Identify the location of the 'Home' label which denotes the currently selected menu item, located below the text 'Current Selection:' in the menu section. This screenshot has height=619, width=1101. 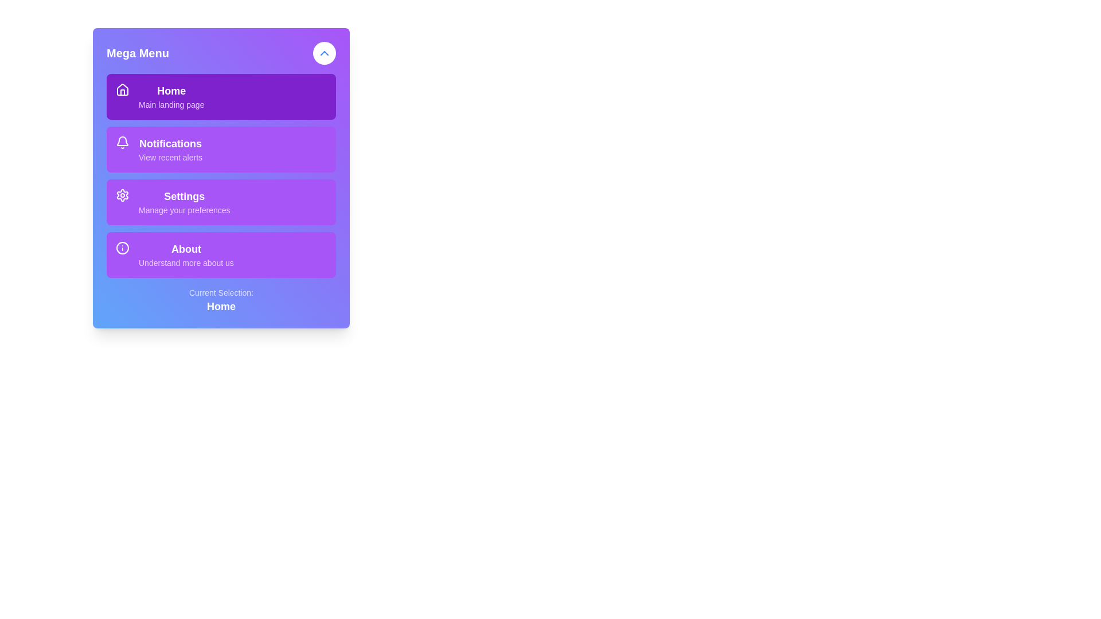
(221, 306).